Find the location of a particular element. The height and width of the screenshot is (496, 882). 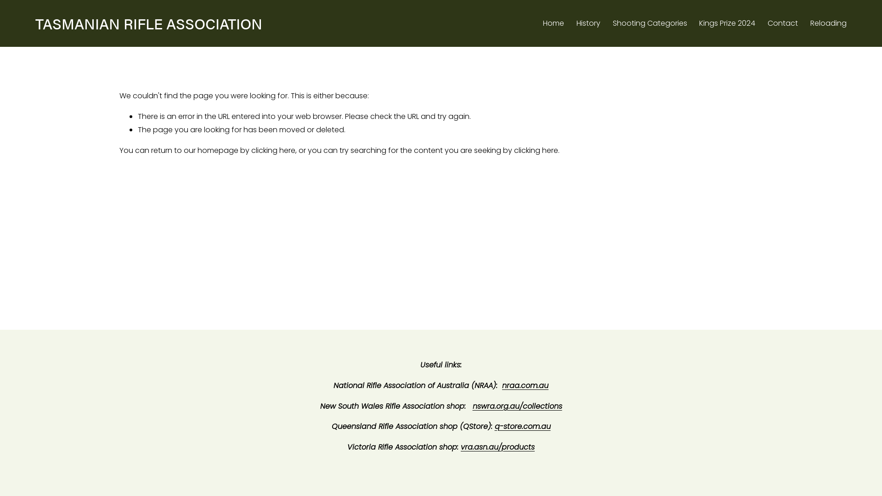

'q-store.com.au' is located at coordinates (522, 427).